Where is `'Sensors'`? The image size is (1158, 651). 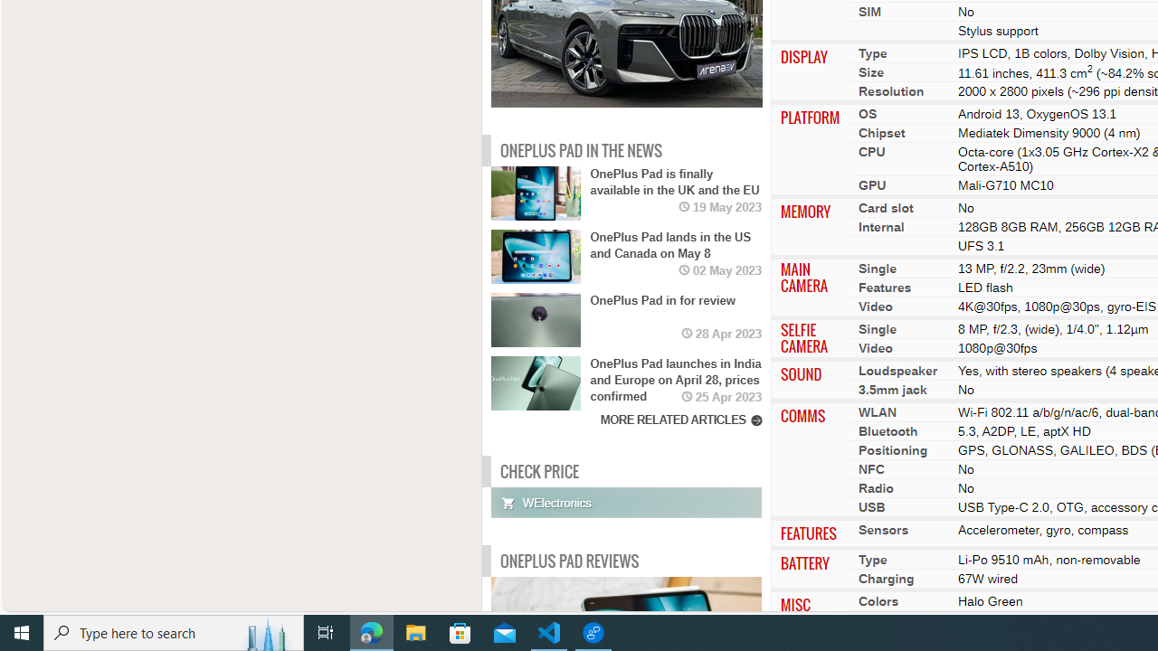
'Sensors' is located at coordinates (883, 529).